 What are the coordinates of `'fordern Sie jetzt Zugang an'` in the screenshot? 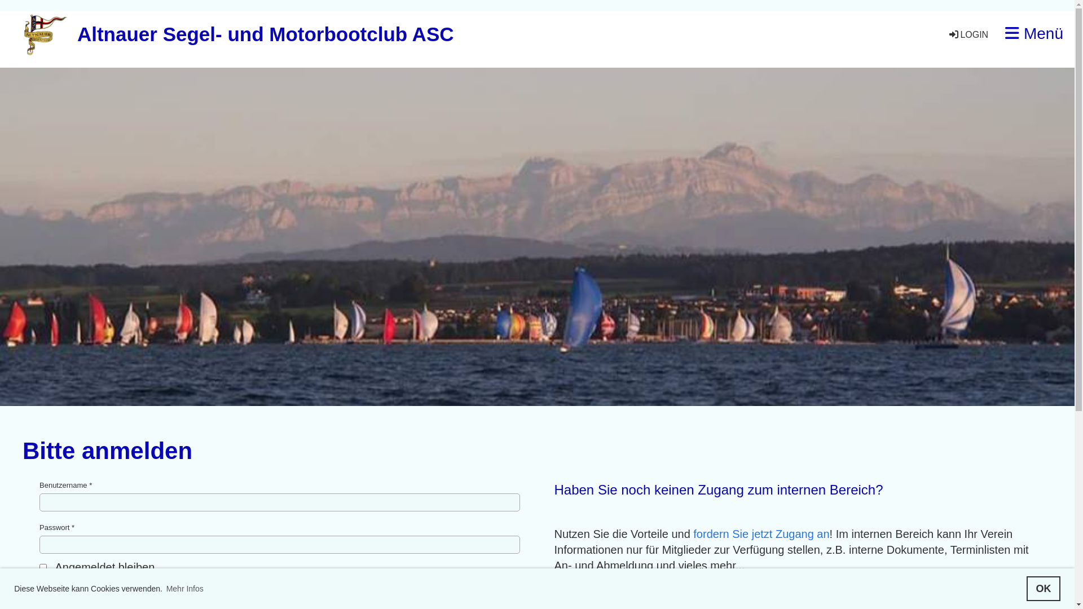 It's located at (761, 533).